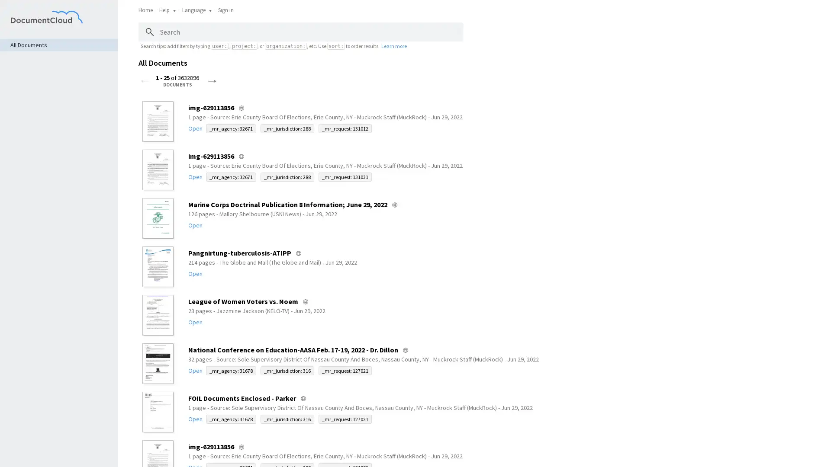 Image resolution: width=831 pixels, height=467 pixels. I want to click on _mr_jurisdiction: 316, so click(287, 418).